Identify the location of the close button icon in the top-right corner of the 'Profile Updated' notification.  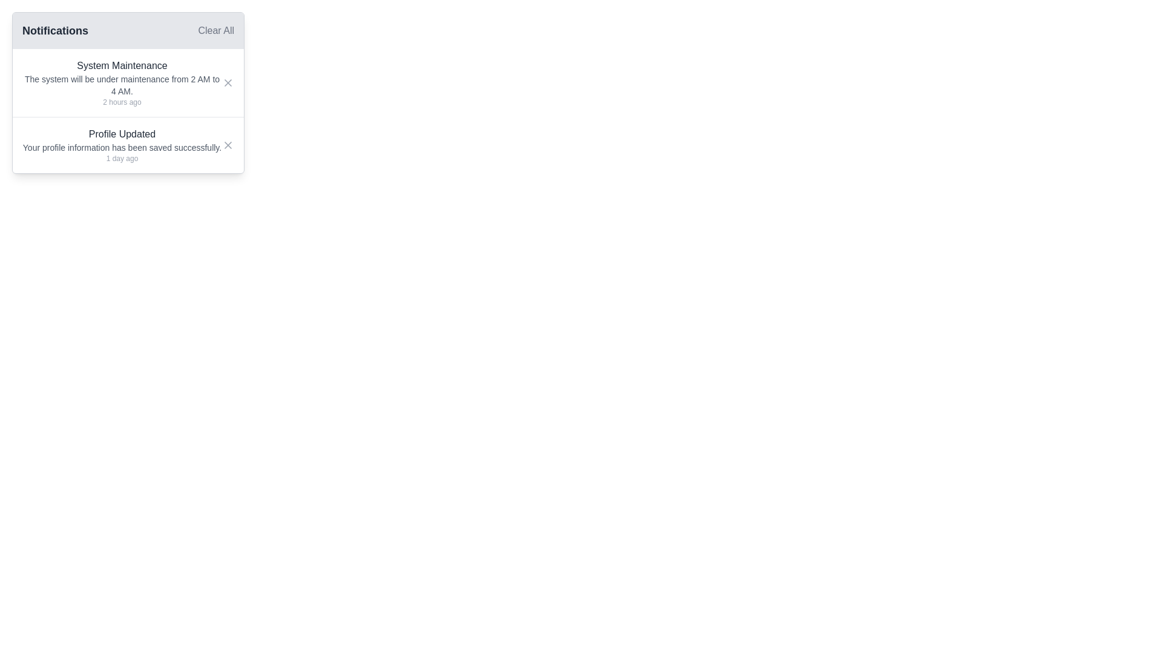
(228, 144).